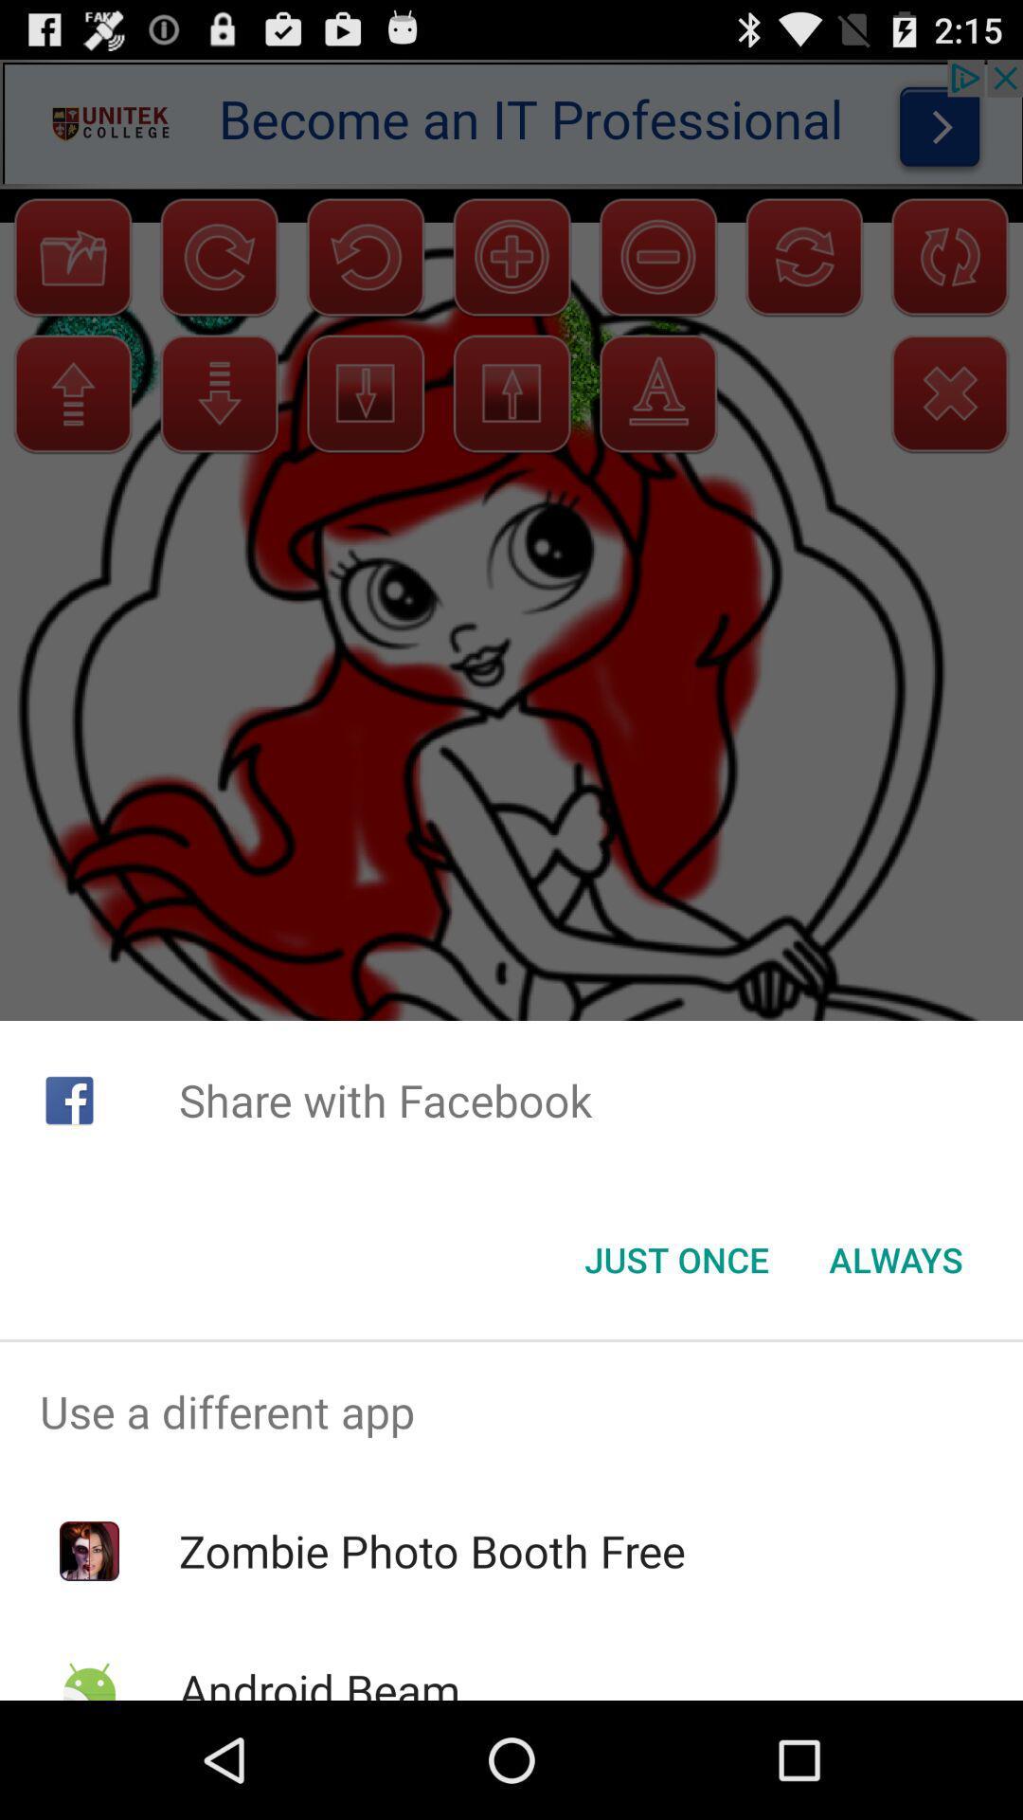 This screenshot has width=1023, height=1820. I want to click on always at the bottom right corner, so click(895, 1260).